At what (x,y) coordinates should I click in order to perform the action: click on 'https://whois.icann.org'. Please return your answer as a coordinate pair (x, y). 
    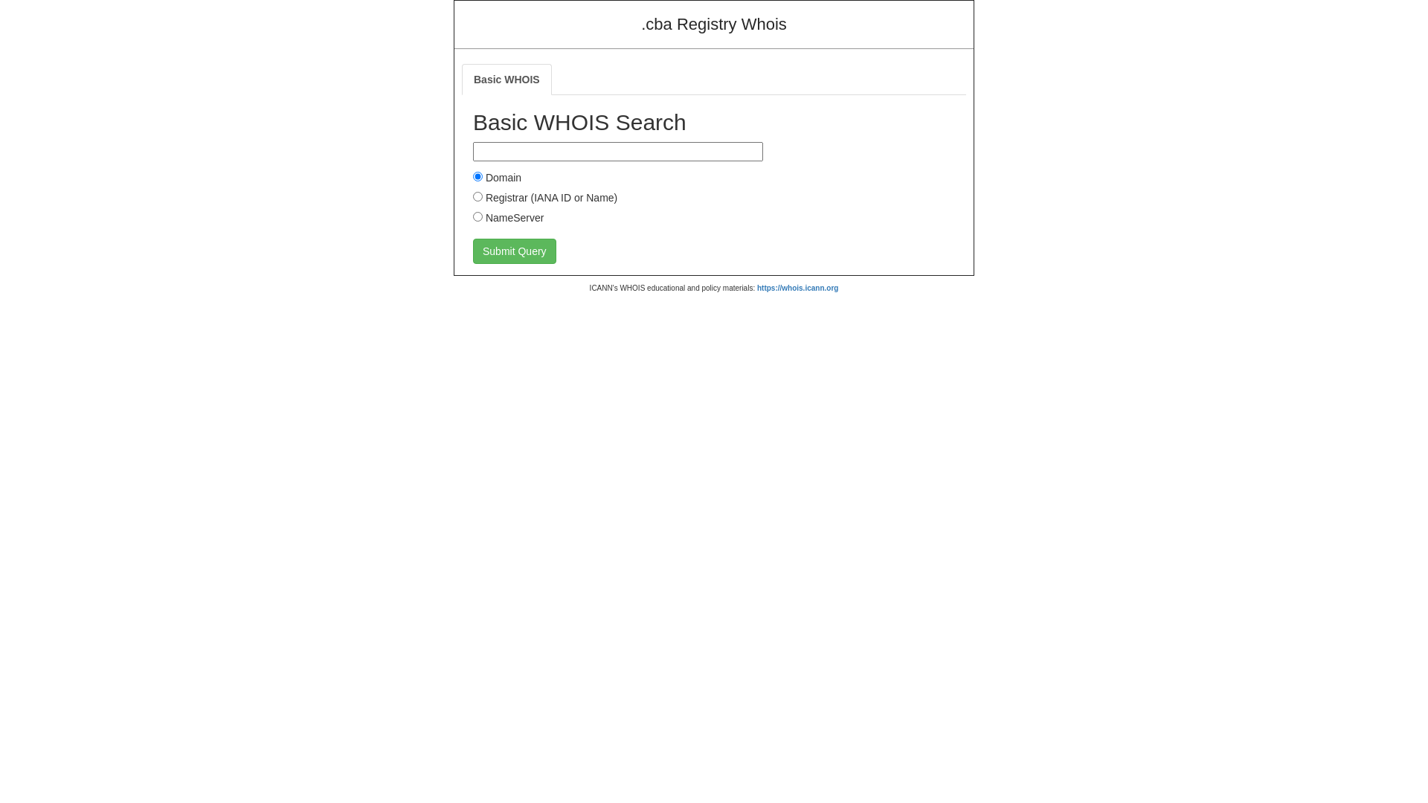
    Looking at the image, I should click on (797, 288).